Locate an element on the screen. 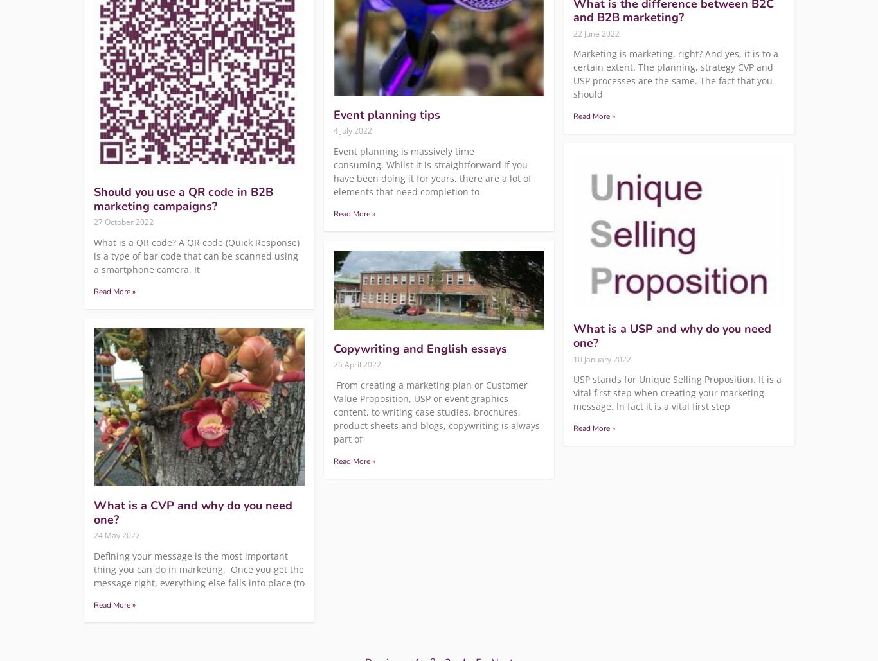 The height and width of the screenshot is (661, 878). '26 April 2022' is located at coordinates (332, 364).